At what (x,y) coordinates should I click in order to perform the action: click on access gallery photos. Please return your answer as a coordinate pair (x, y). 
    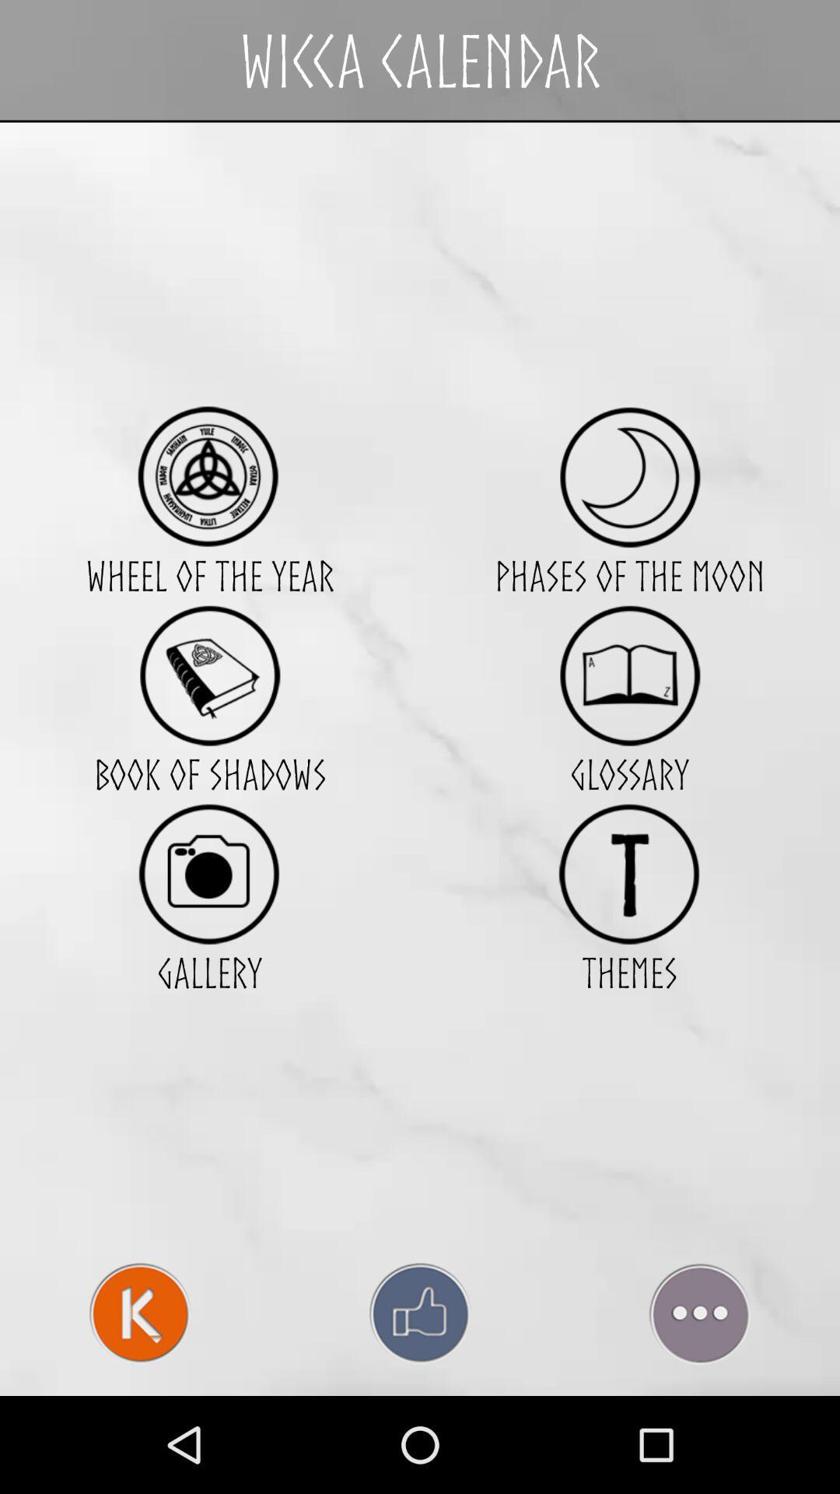
    Looking at the image, I should click on (208, 874).